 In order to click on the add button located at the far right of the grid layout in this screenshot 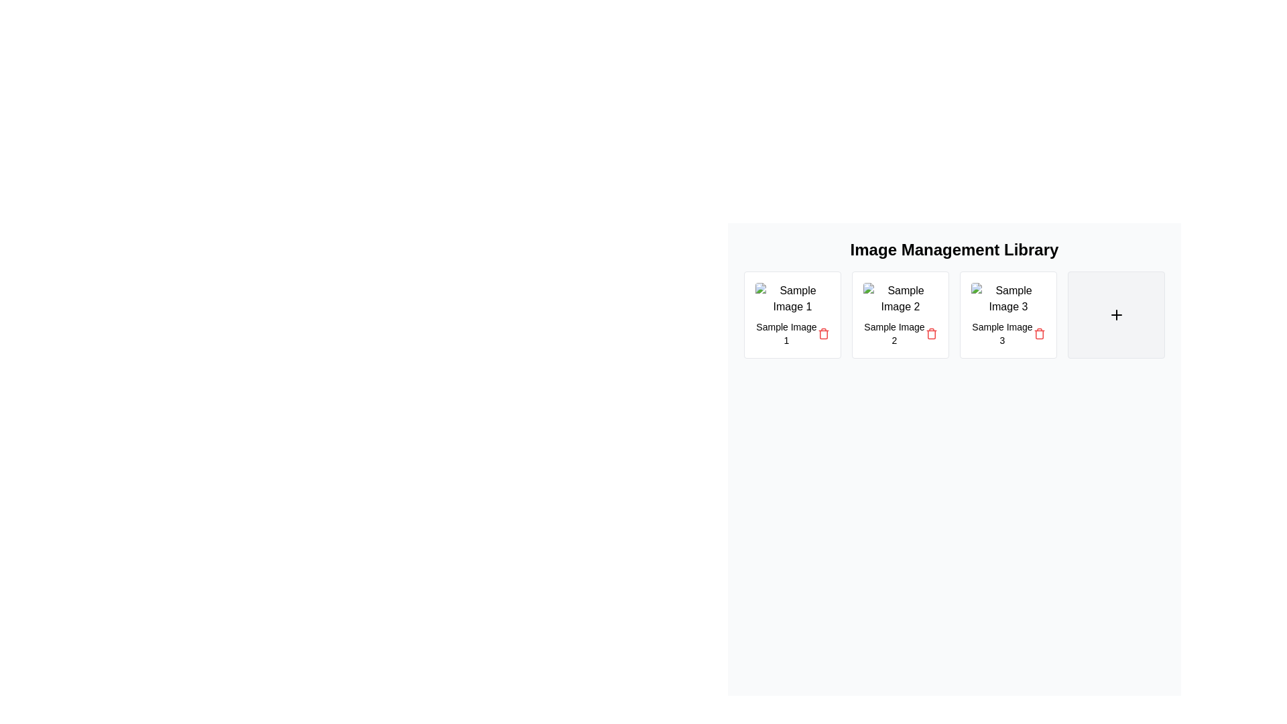, I will do `click(1116, 315)`.